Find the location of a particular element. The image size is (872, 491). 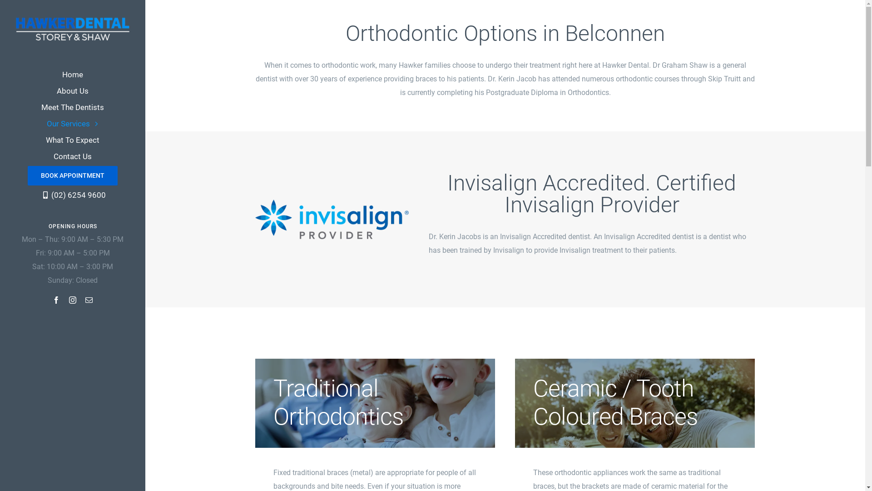

'What To Expect' is located at coordinates (72, 140).